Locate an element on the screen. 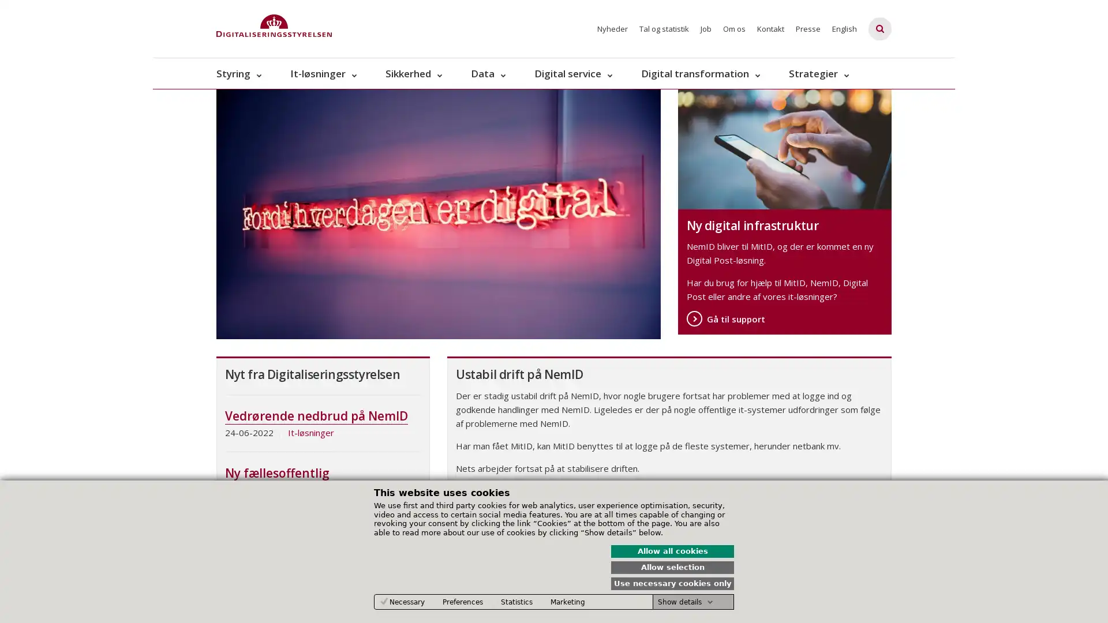  Fold sgefelt ud is located at coordinates (879, 28).